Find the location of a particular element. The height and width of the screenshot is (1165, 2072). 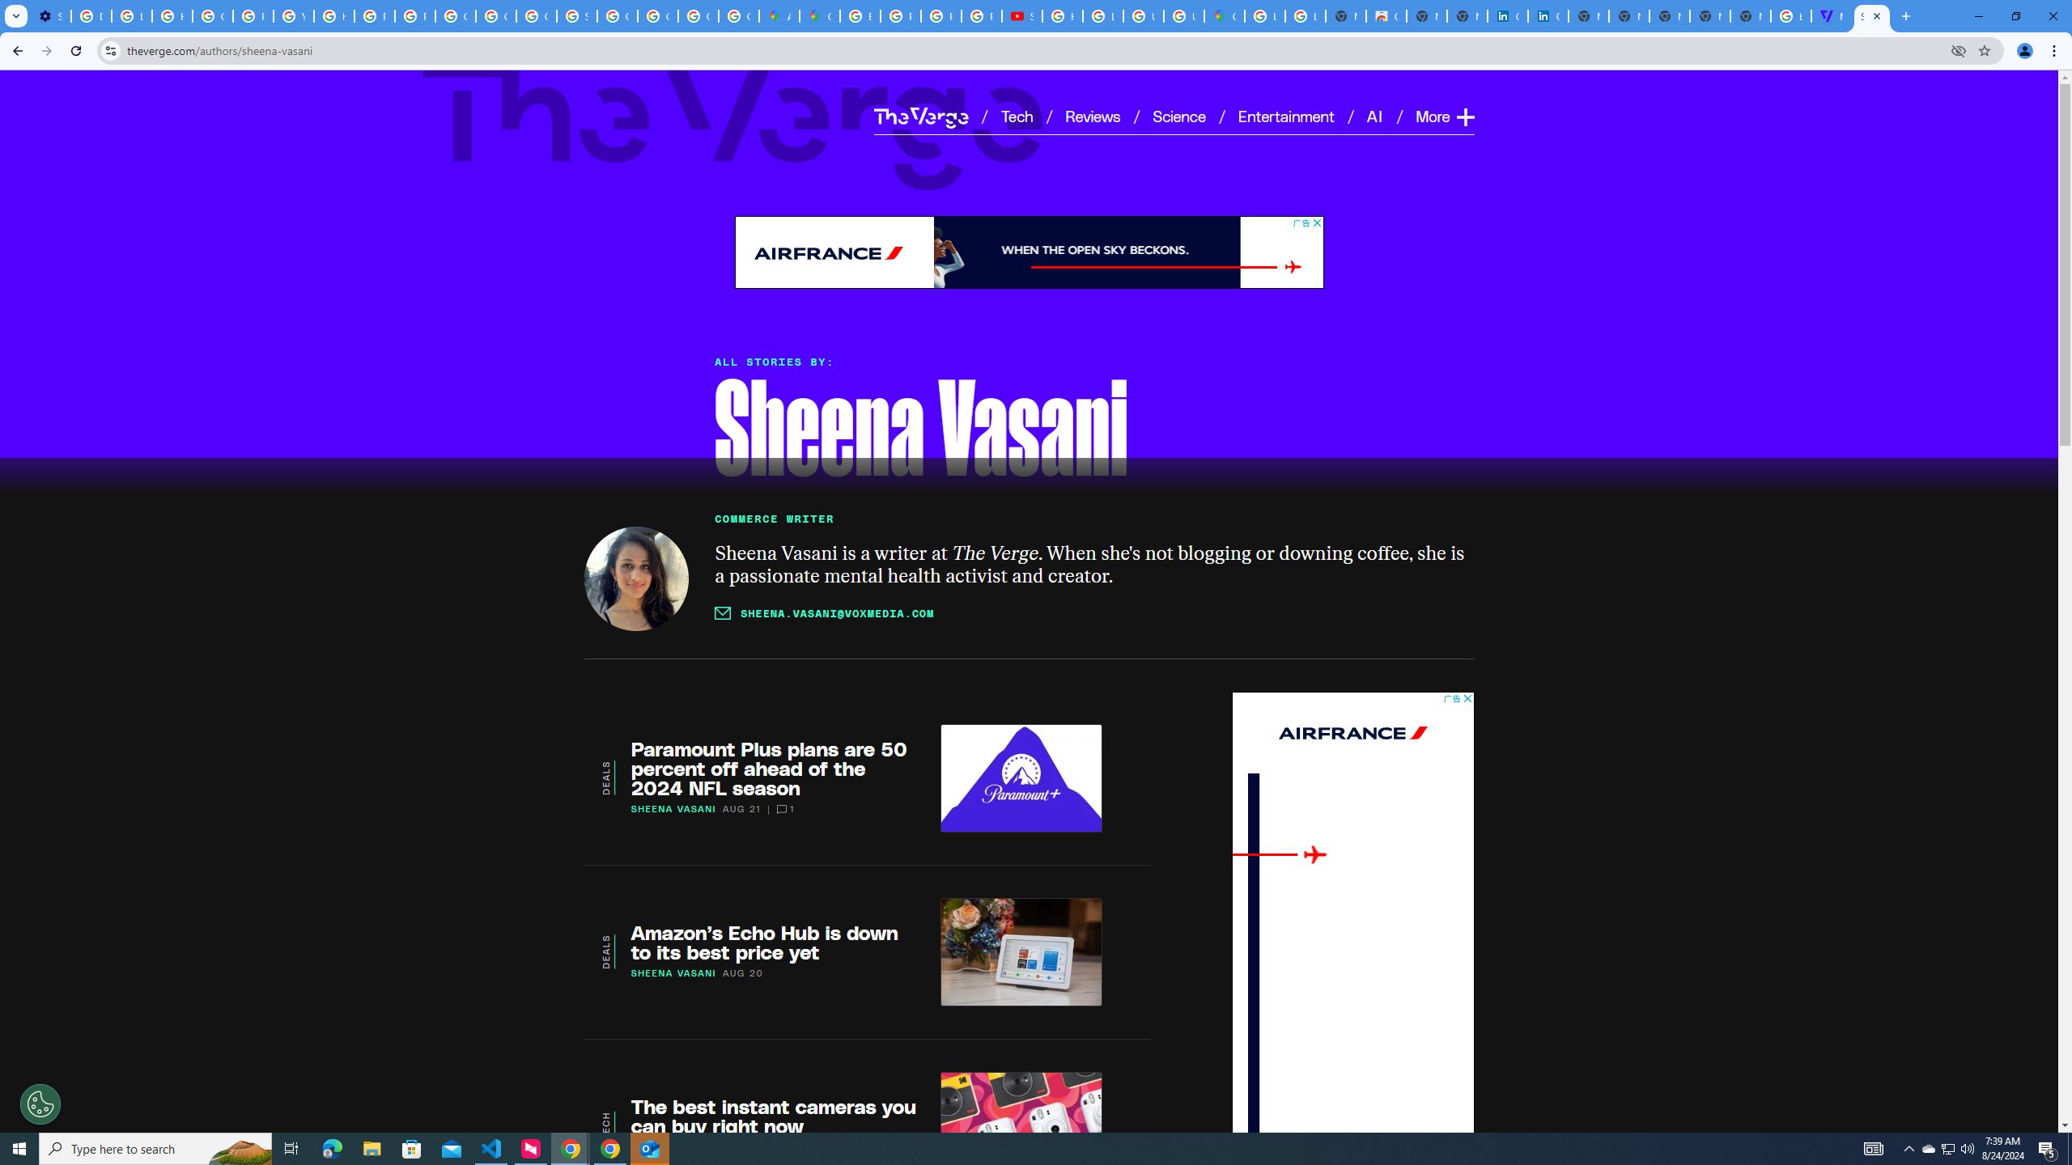

'The Verge homepage The Verge' is located at coordinates (920, 116).